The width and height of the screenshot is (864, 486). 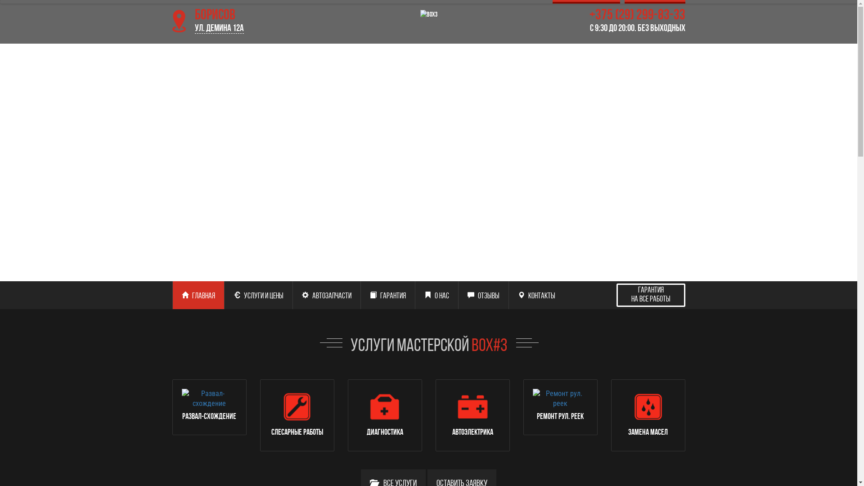 I want to click on '+375 (29) 299-83-33', so click(x=604, y=21).